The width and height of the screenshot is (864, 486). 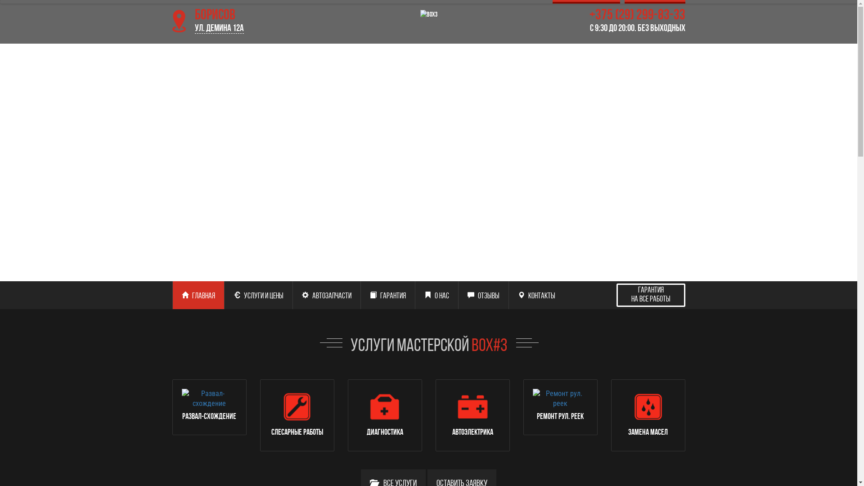 I want to click on '+375 (29) 299-83-33', so click(x=604, y=21).